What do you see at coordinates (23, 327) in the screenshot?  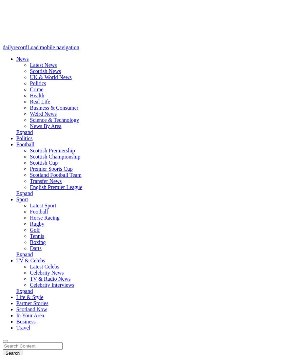 I see `'Travel'` at bounding box center [23, 327].